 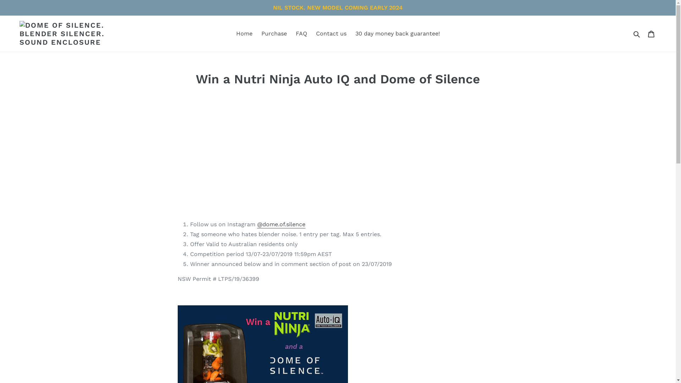 What do you see at coordinates (244, 34) in the screenshot?
I see `'Home'` at bounding box center [244, 34].